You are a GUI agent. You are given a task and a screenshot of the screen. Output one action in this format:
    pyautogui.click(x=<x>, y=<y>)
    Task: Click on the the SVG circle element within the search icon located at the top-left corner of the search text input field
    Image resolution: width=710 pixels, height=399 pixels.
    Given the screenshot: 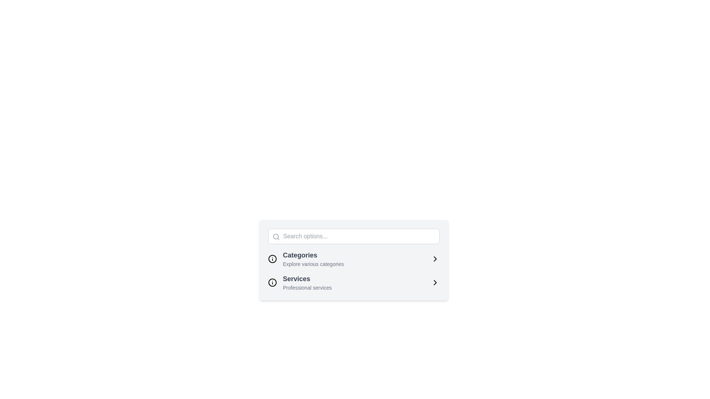 What is the action you would take?
    pyautogui.click(x=275, y=236)
    